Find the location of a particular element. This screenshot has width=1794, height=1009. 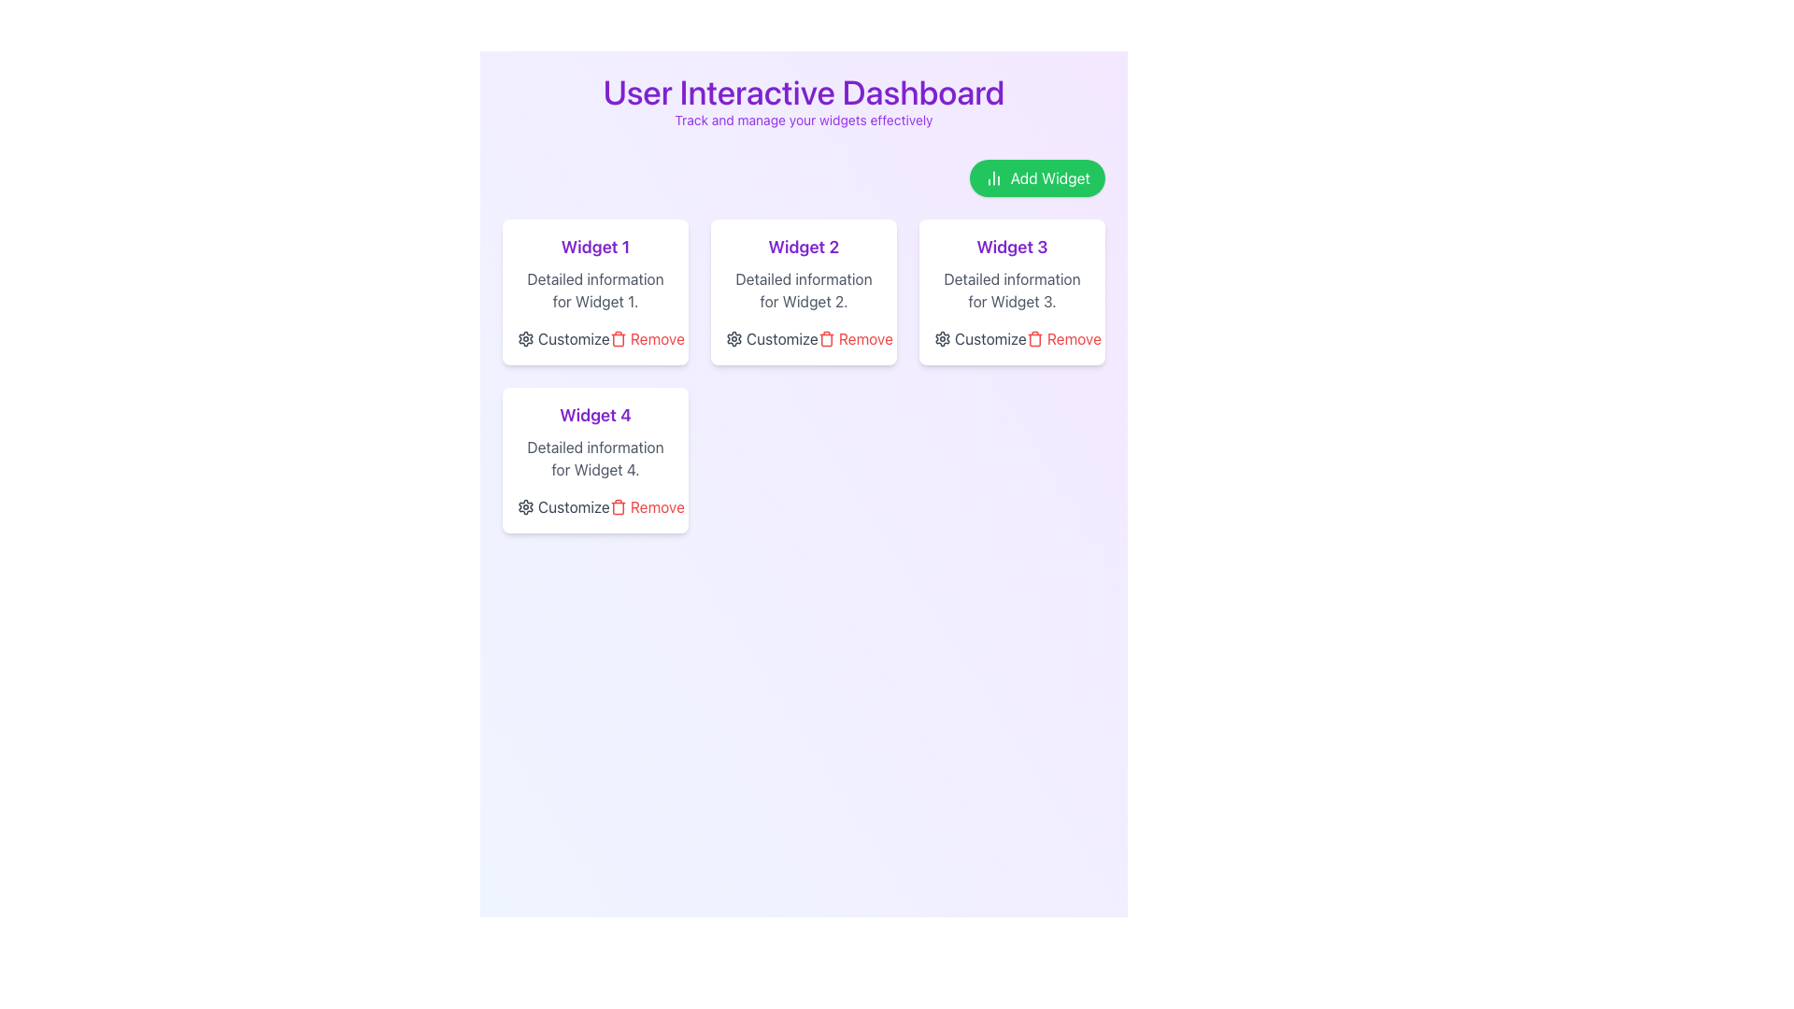

the settings icon located to the left of the 'Customize' text label in the button cluster is located at coordinates (733, 338).